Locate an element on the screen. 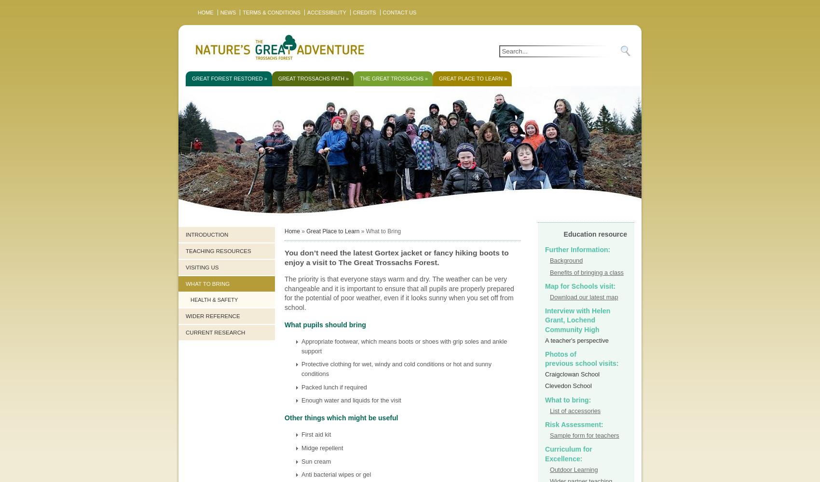  'Sample form for teachers' is located at coordinates (584, 435).